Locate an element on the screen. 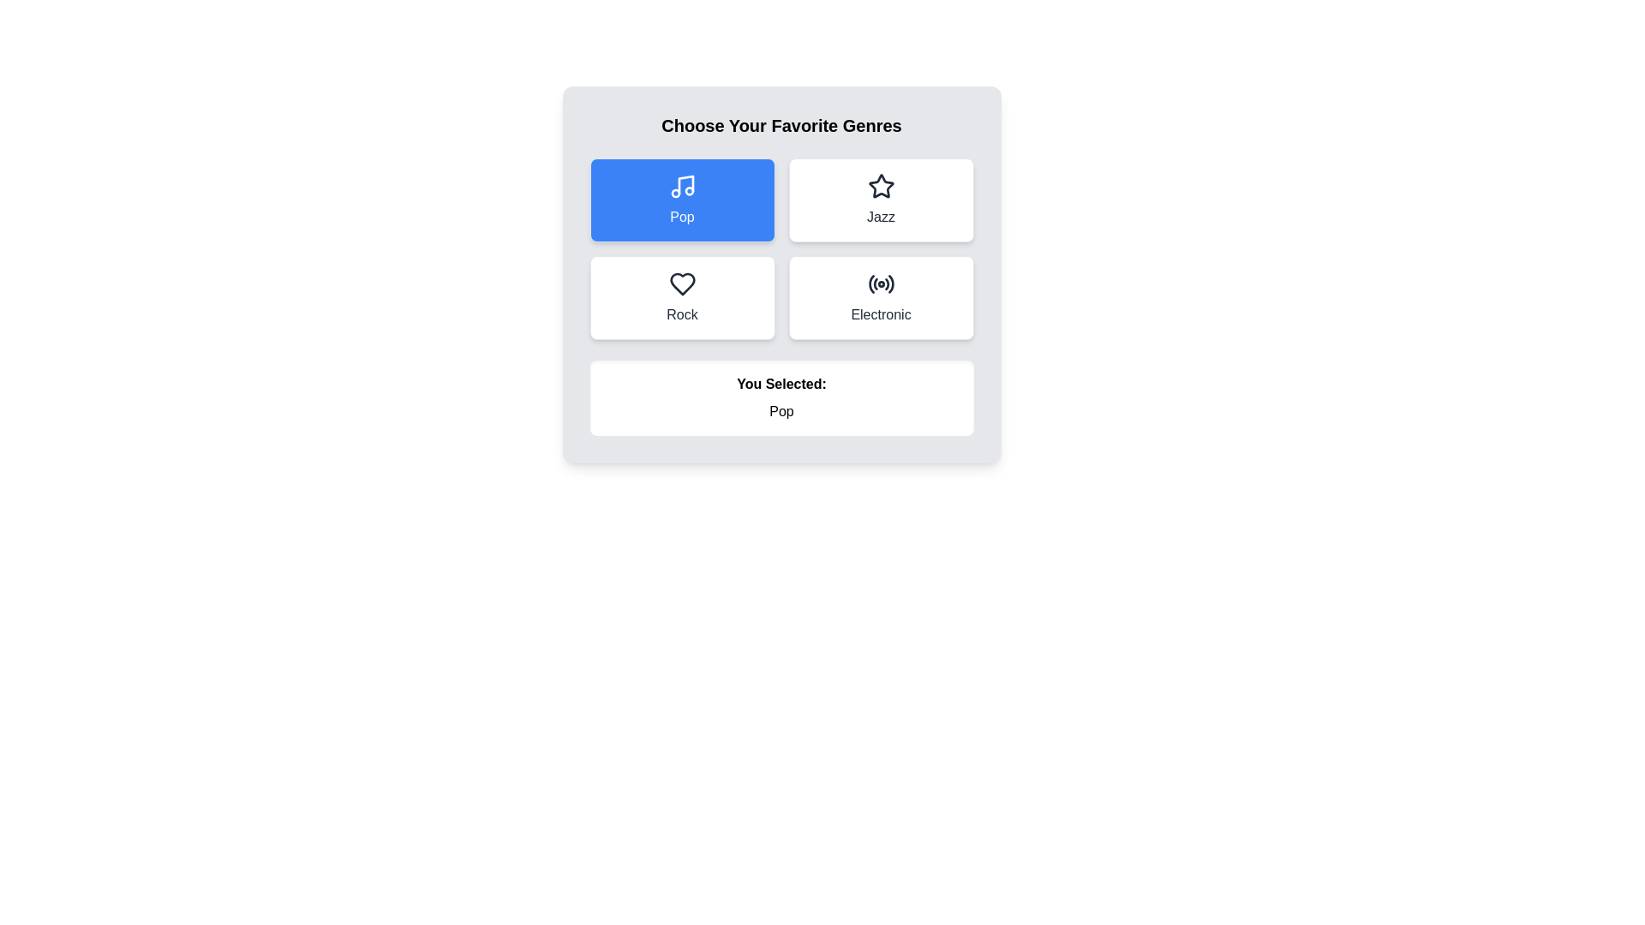 This screenshot has width=1645, height=925. the genre button labeled Jazz to observe the hover effect is located at coordinates (881, 200).